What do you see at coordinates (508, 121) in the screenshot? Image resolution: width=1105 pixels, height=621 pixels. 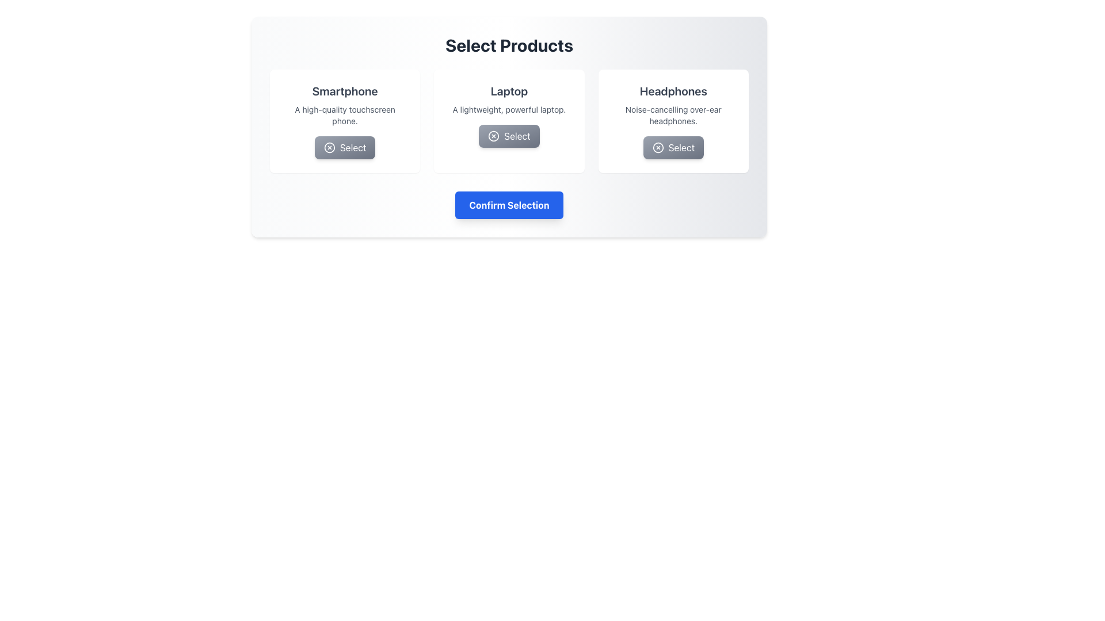 I see `the 'Select' button in the product item panel representing a laptop to choose this product` at bounding box center [508, 121].